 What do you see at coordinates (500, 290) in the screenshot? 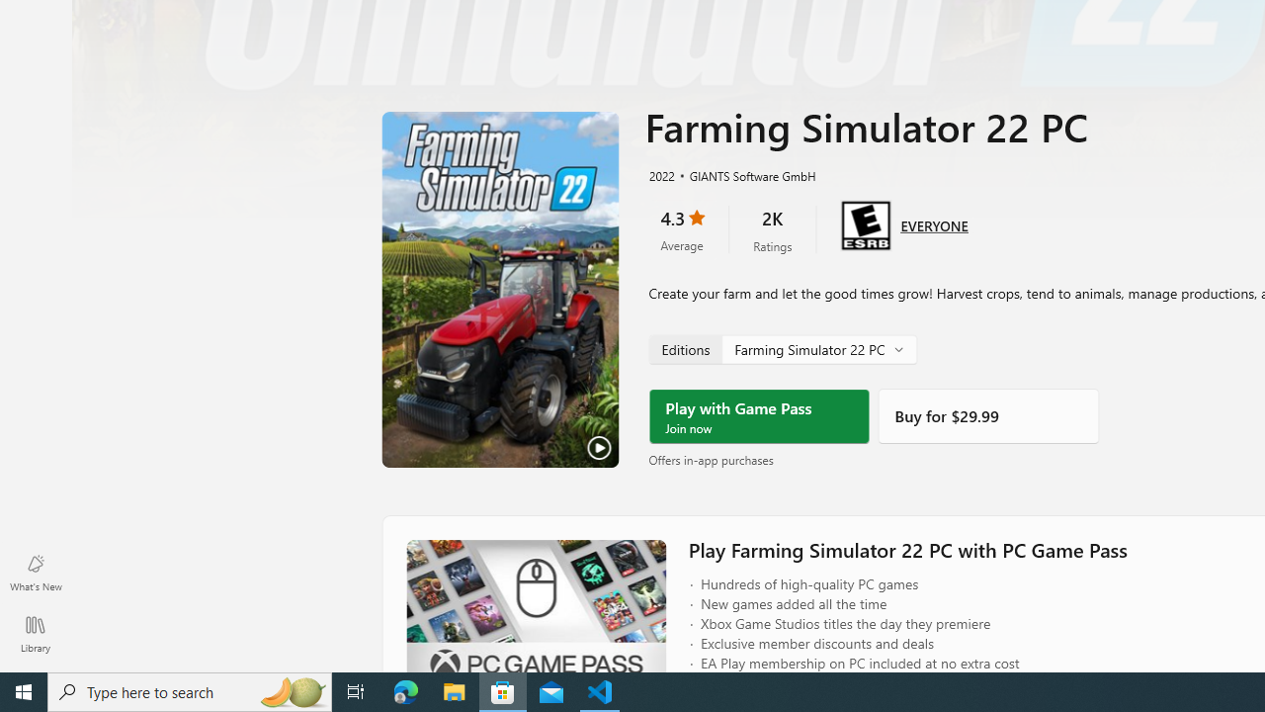
I see `'Play Trailer'` at bounding box center [500, 290].